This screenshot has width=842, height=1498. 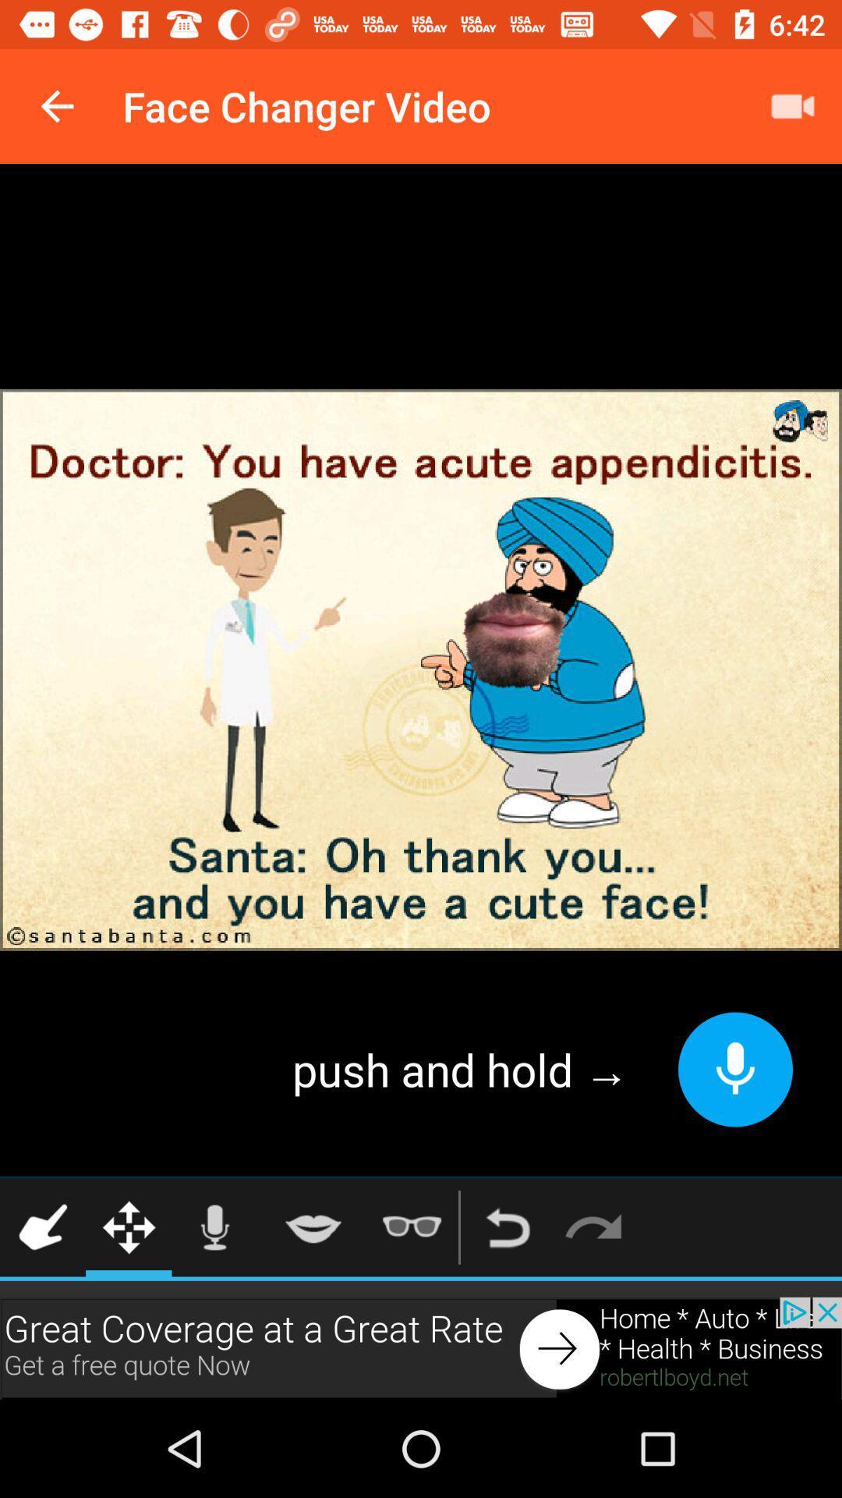 What do you see at coordinates (421, 1347) in the screenshot?
I see `advertisement` at bounding box center [421, 1347].